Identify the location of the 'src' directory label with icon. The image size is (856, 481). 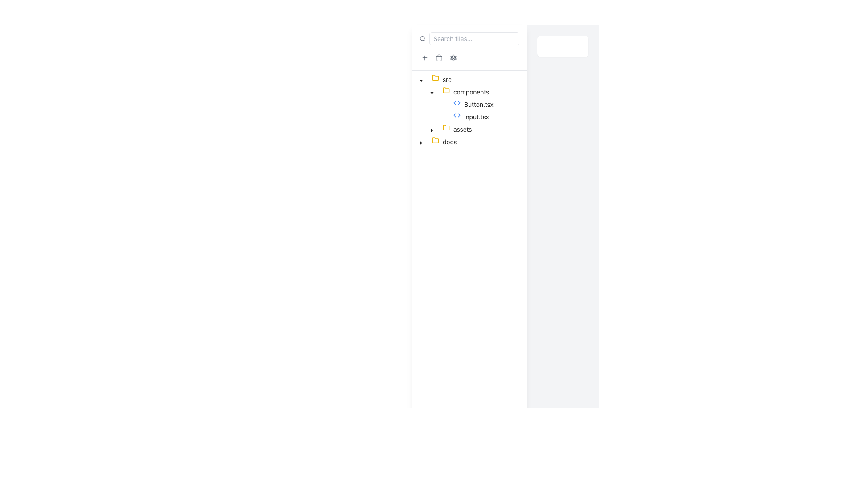
(441, 79).